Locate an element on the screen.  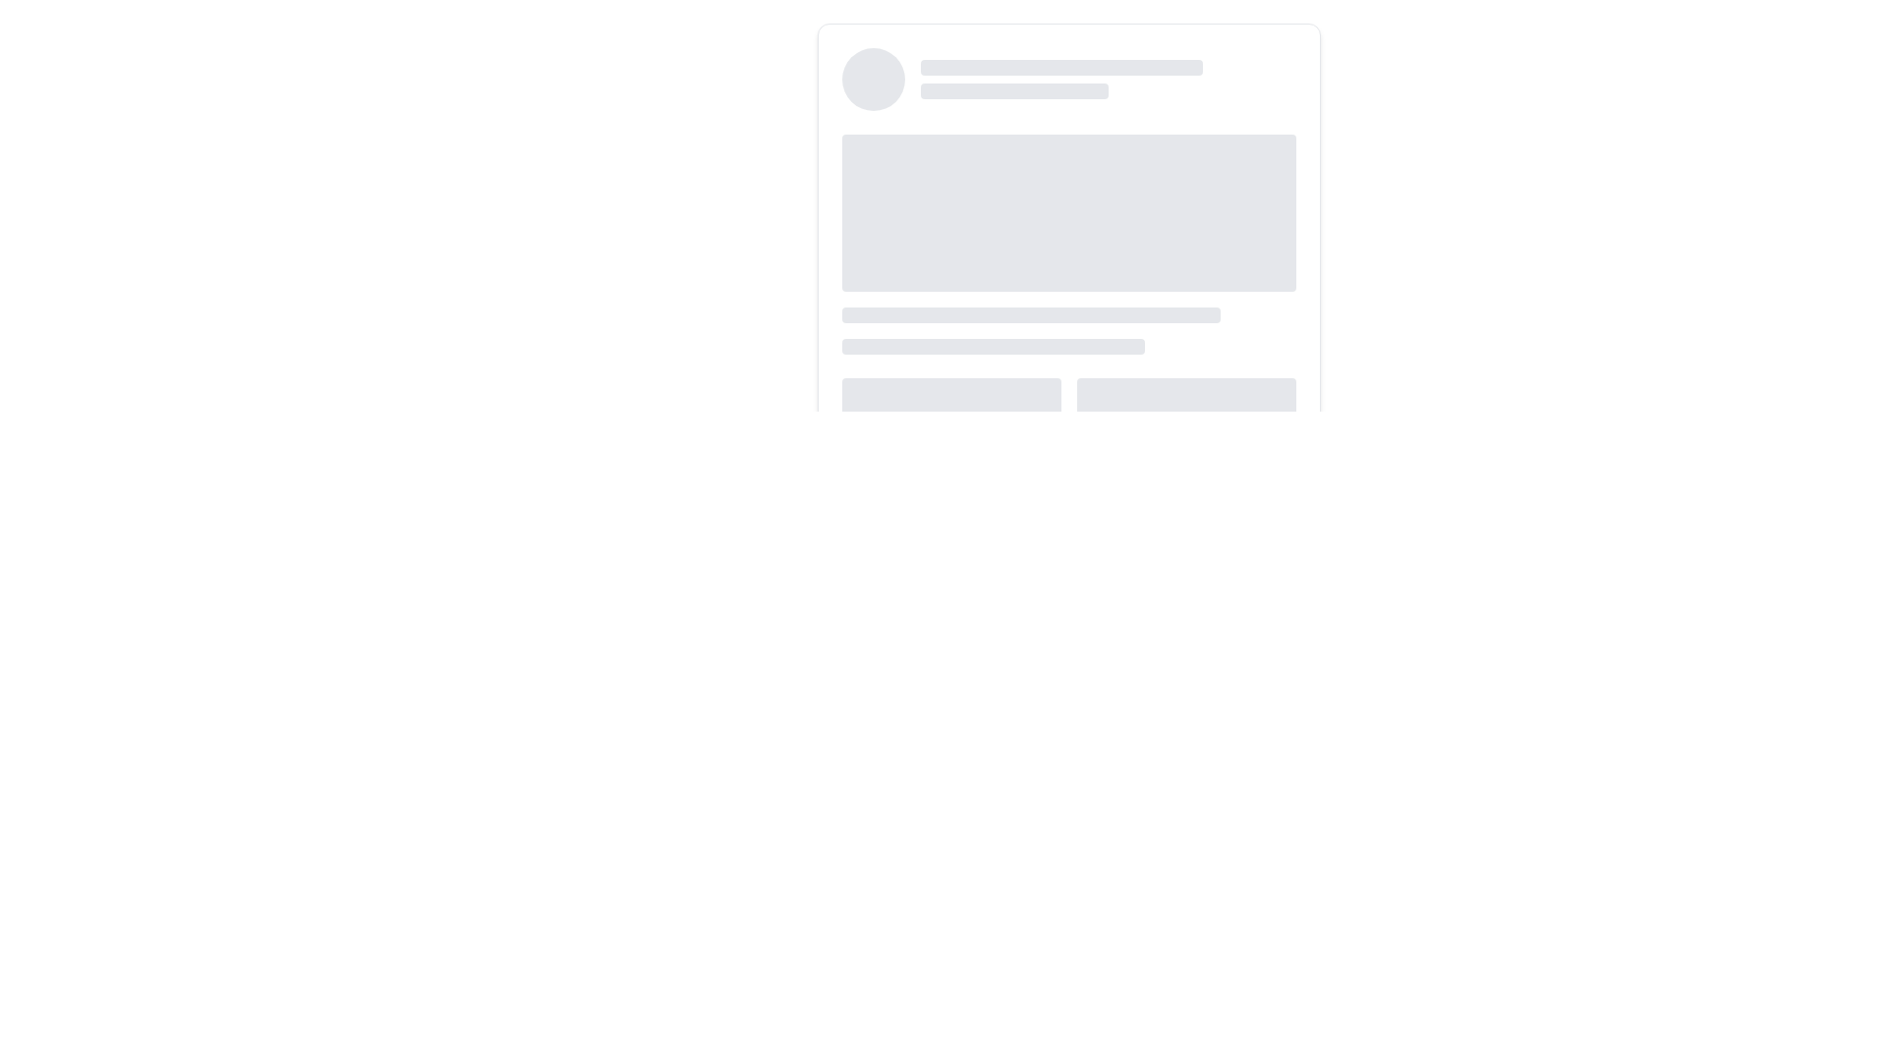
the decorative placeholder for a user profile image or avatar located at the top-left of the application's interface is located at coordinates (872, 79).